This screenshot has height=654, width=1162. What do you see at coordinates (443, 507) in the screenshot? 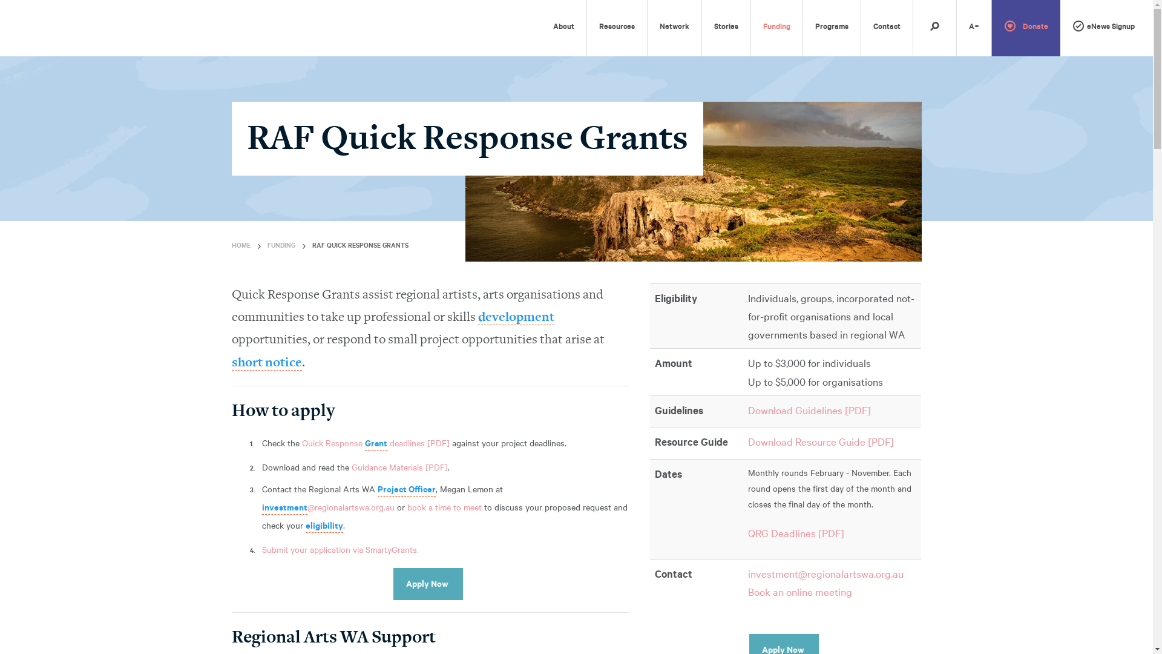
I see `'book a time to meet'` at bounding box center [443, 507].